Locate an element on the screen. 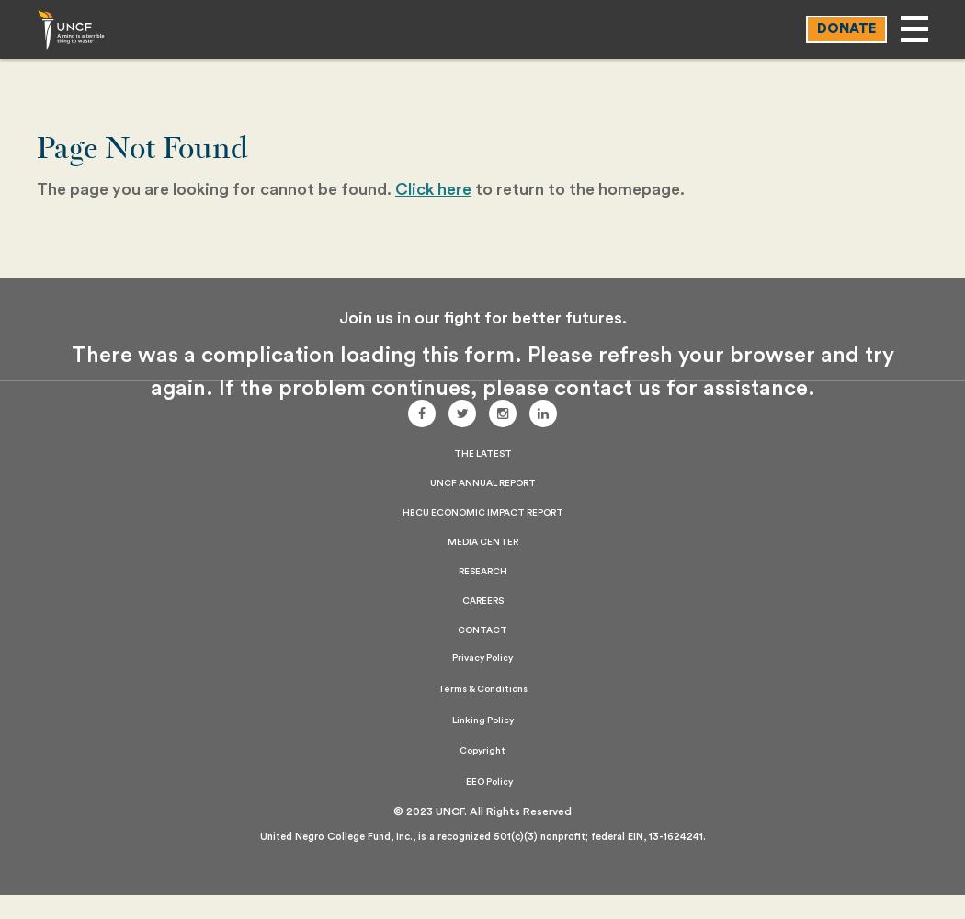 The height and width of the screenshot is (919, 965). 'There was a complication loading this form. Please refresh your browser and try again. If the problem continues, please contact us for assistance.' is located at coordinates (481, 372).